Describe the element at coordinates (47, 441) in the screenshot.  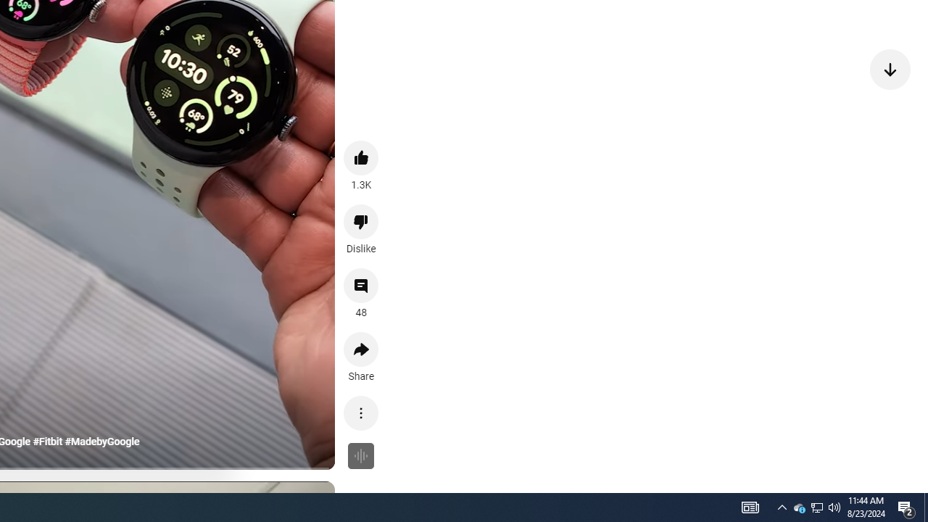
I see `'#Fitbit'` at that location.